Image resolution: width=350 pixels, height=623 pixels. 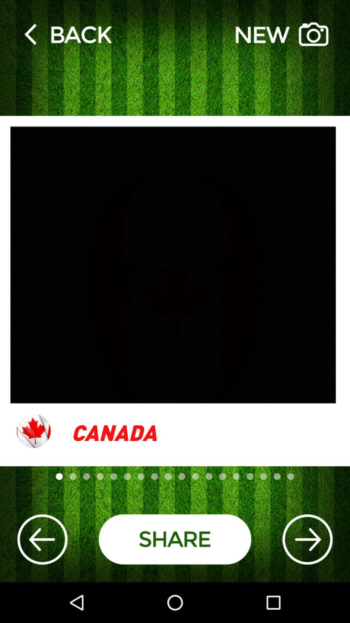 I want to click on take picture, so click(x=282, y=34).